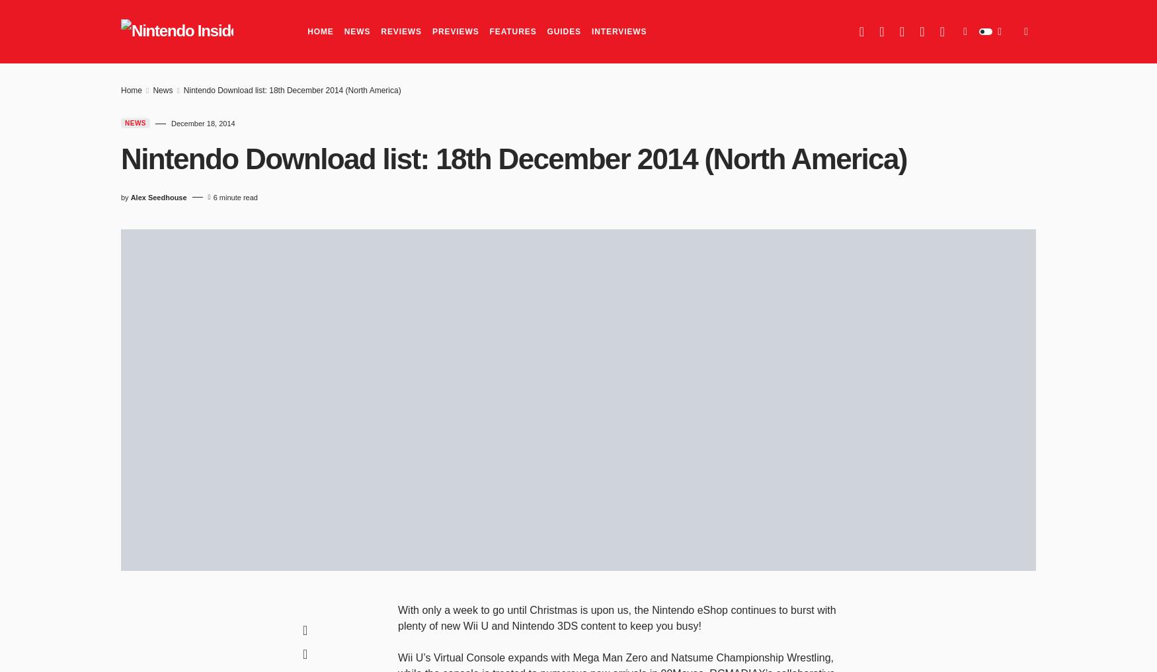 This screenshot has width=1157, height=672. Describe the element at coordinates (124, 196) in the screenshot. I see `'by'` at that location.